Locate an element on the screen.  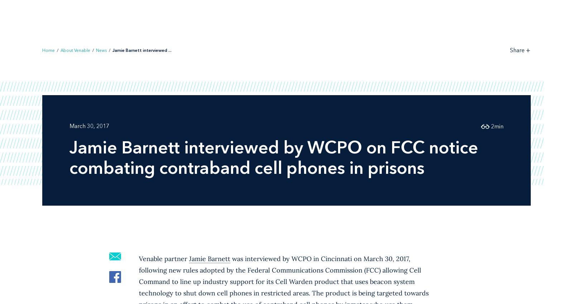
'News' is located at coordinates (101, 50).